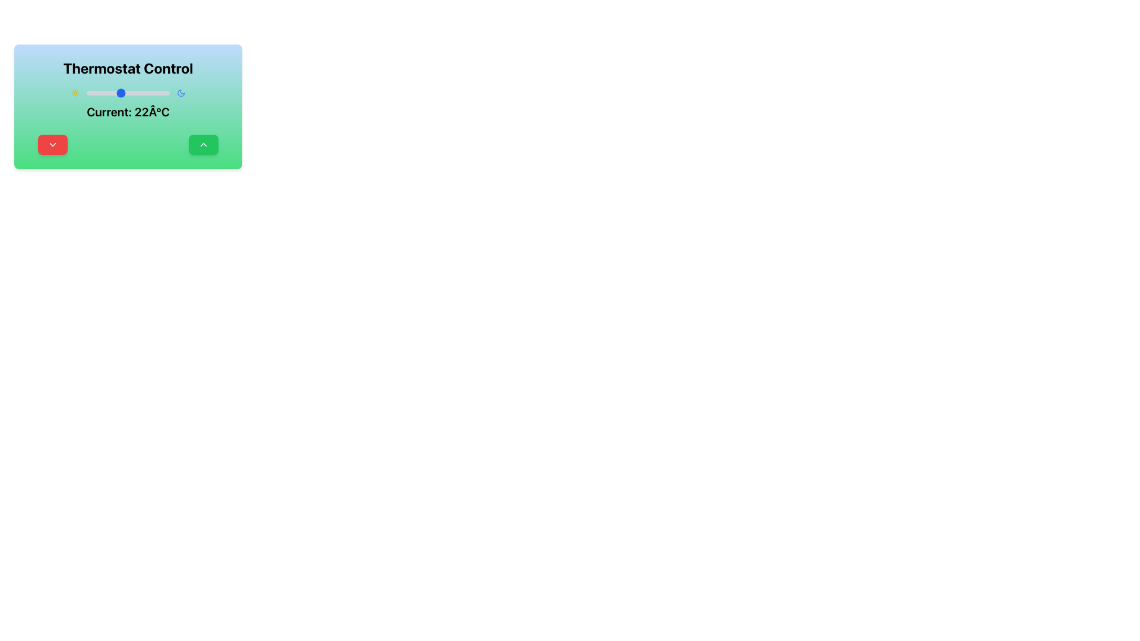 Image resolution: width=1140 pixels, height=641 pixels. Describe the element at coordinates (203, 144) in the screenshot. I see `the arrow icon embedded within the button located in the bottom-right corner of the thermostat control panel to trigger a tooltip or visual effect` at that location.